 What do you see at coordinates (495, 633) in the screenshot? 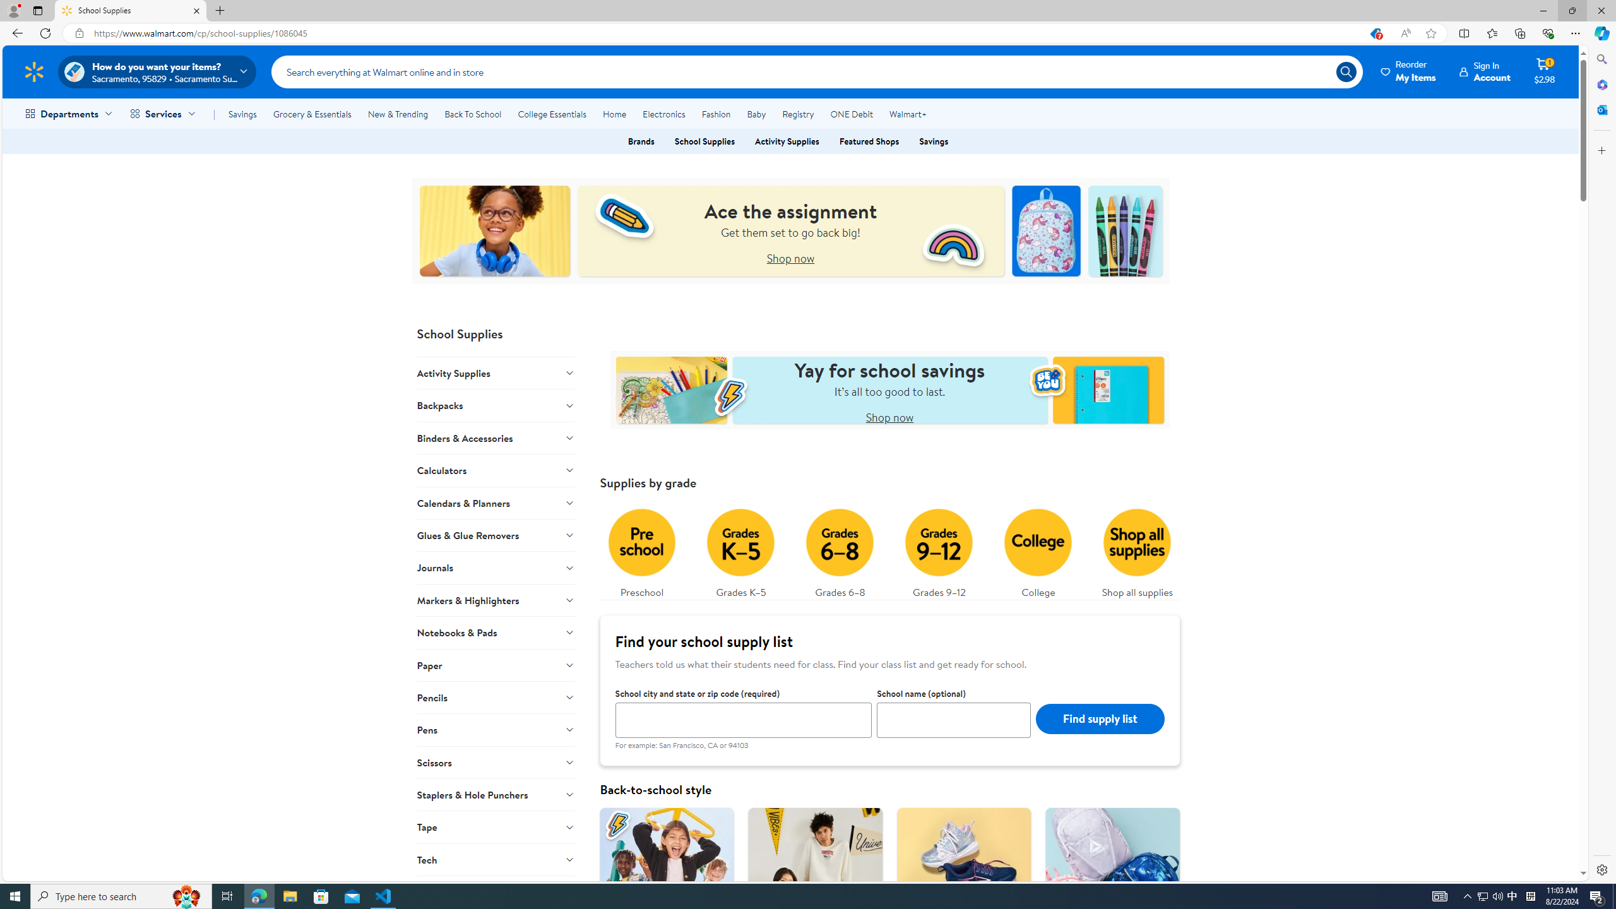
I see `'Notebooks & Pads'` at bounding box center [495, 633].